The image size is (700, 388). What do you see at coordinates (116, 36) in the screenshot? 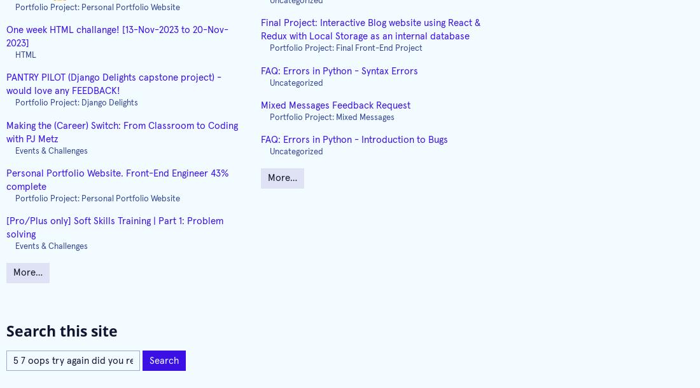
I see `'One week HTML challange! [13-Nov-2023 to 20-Nov-2023]'` at bounding box center [116, 36].